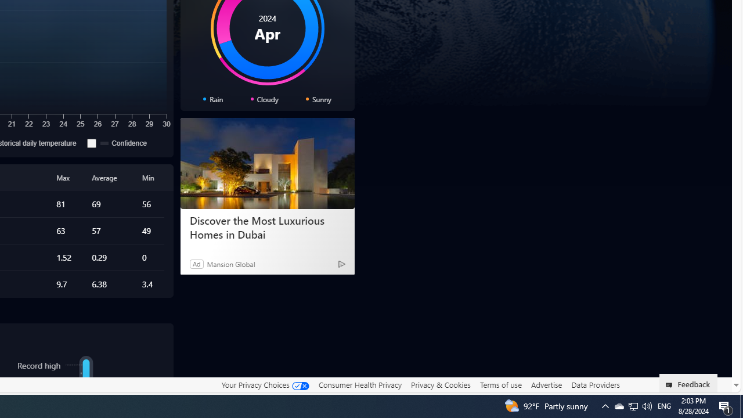 The image size is (743, 418). Describe the element at coordinates (595, 385) in the screenshot. I see `'Data Providers'` at that location.